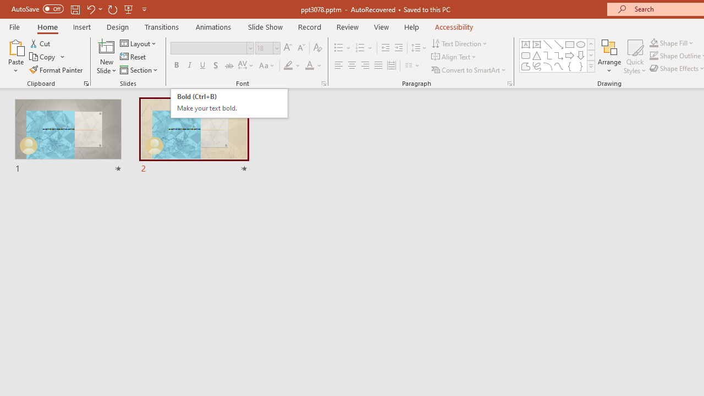  Describe the element at coordinates (559, 55) in the screenshot. I see `'Connector: Elbow Arrow'` at that location.